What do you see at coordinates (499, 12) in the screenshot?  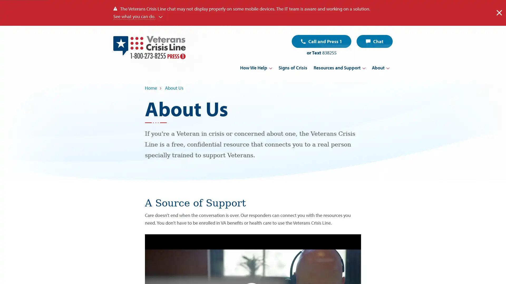 I see `Close Banner` at bounding box center [499, 12].